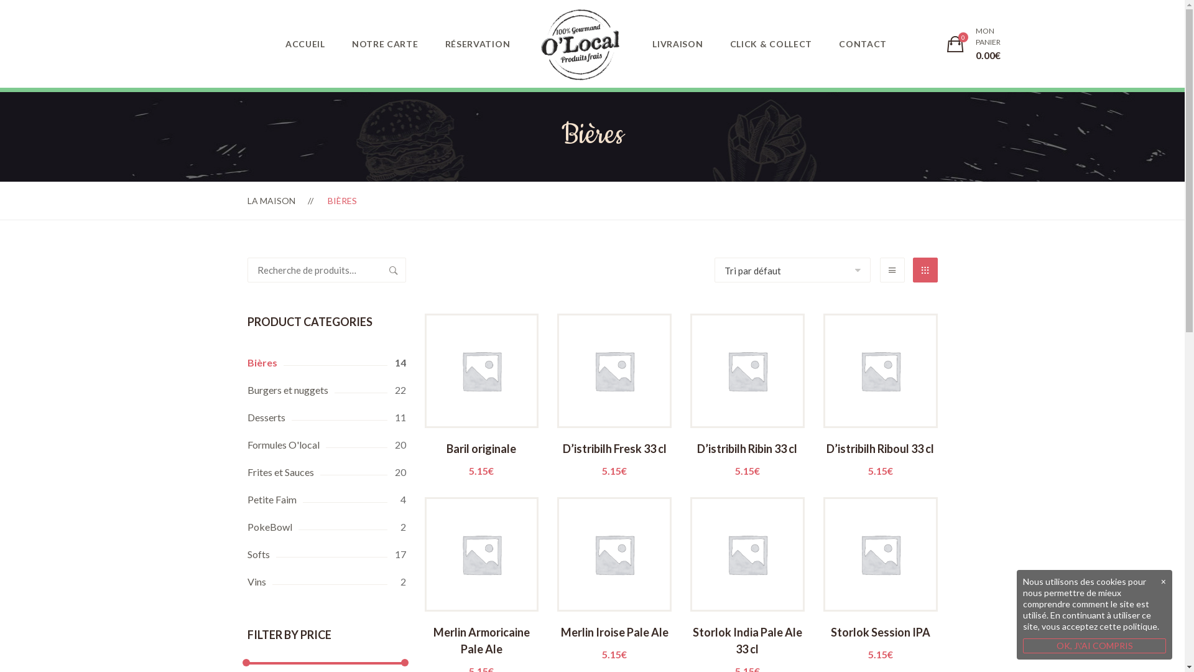  What do you see at coordinates (880, 641) in the screenshot?
I see `'Storlok Session IPA'` at bounding box center [880, 641].